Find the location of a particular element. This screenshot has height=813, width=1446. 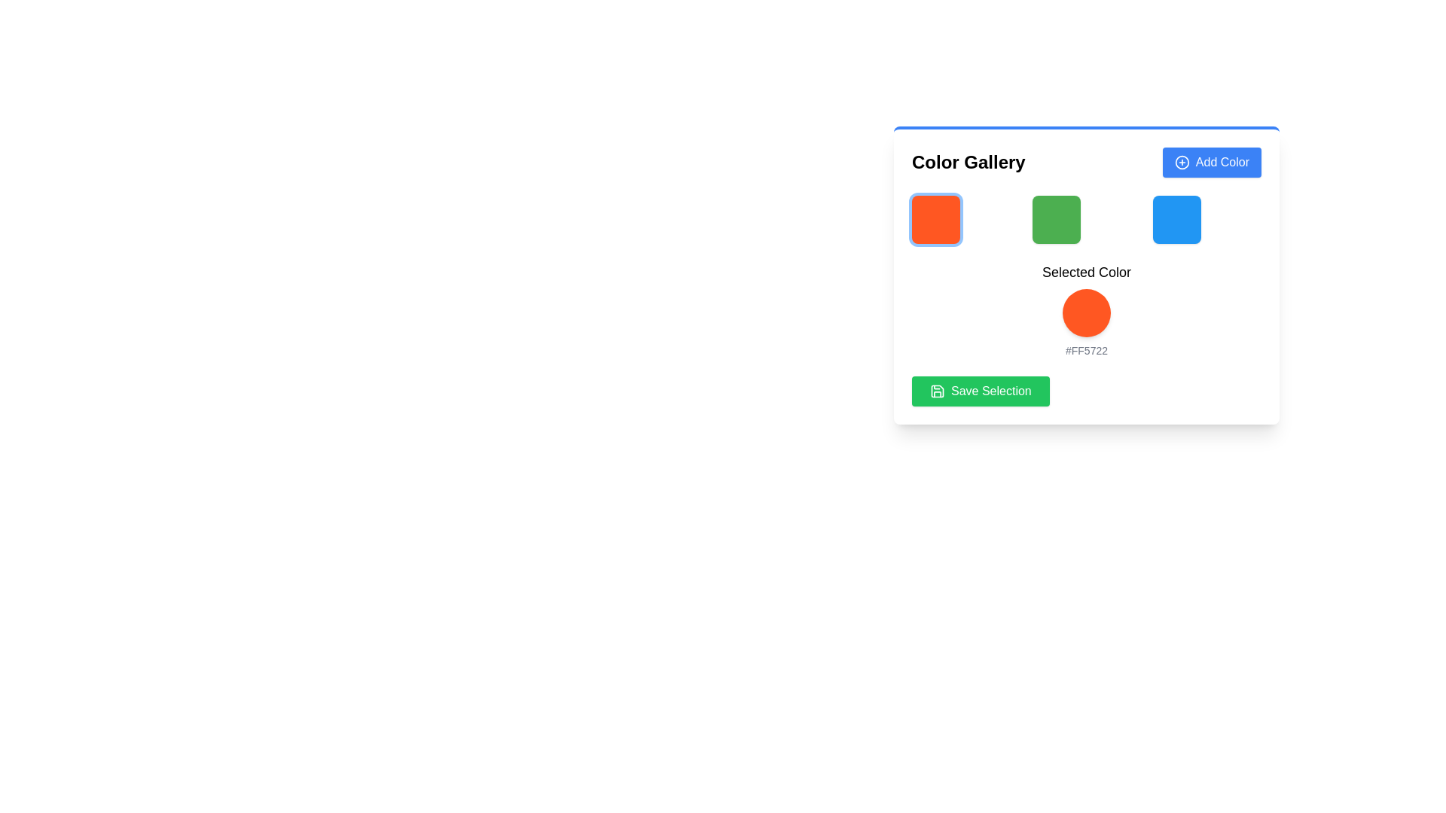

top-left component of the save icon located at the bottom-center of the color selection modal by hovering over it is located at coordinates (936, 391).